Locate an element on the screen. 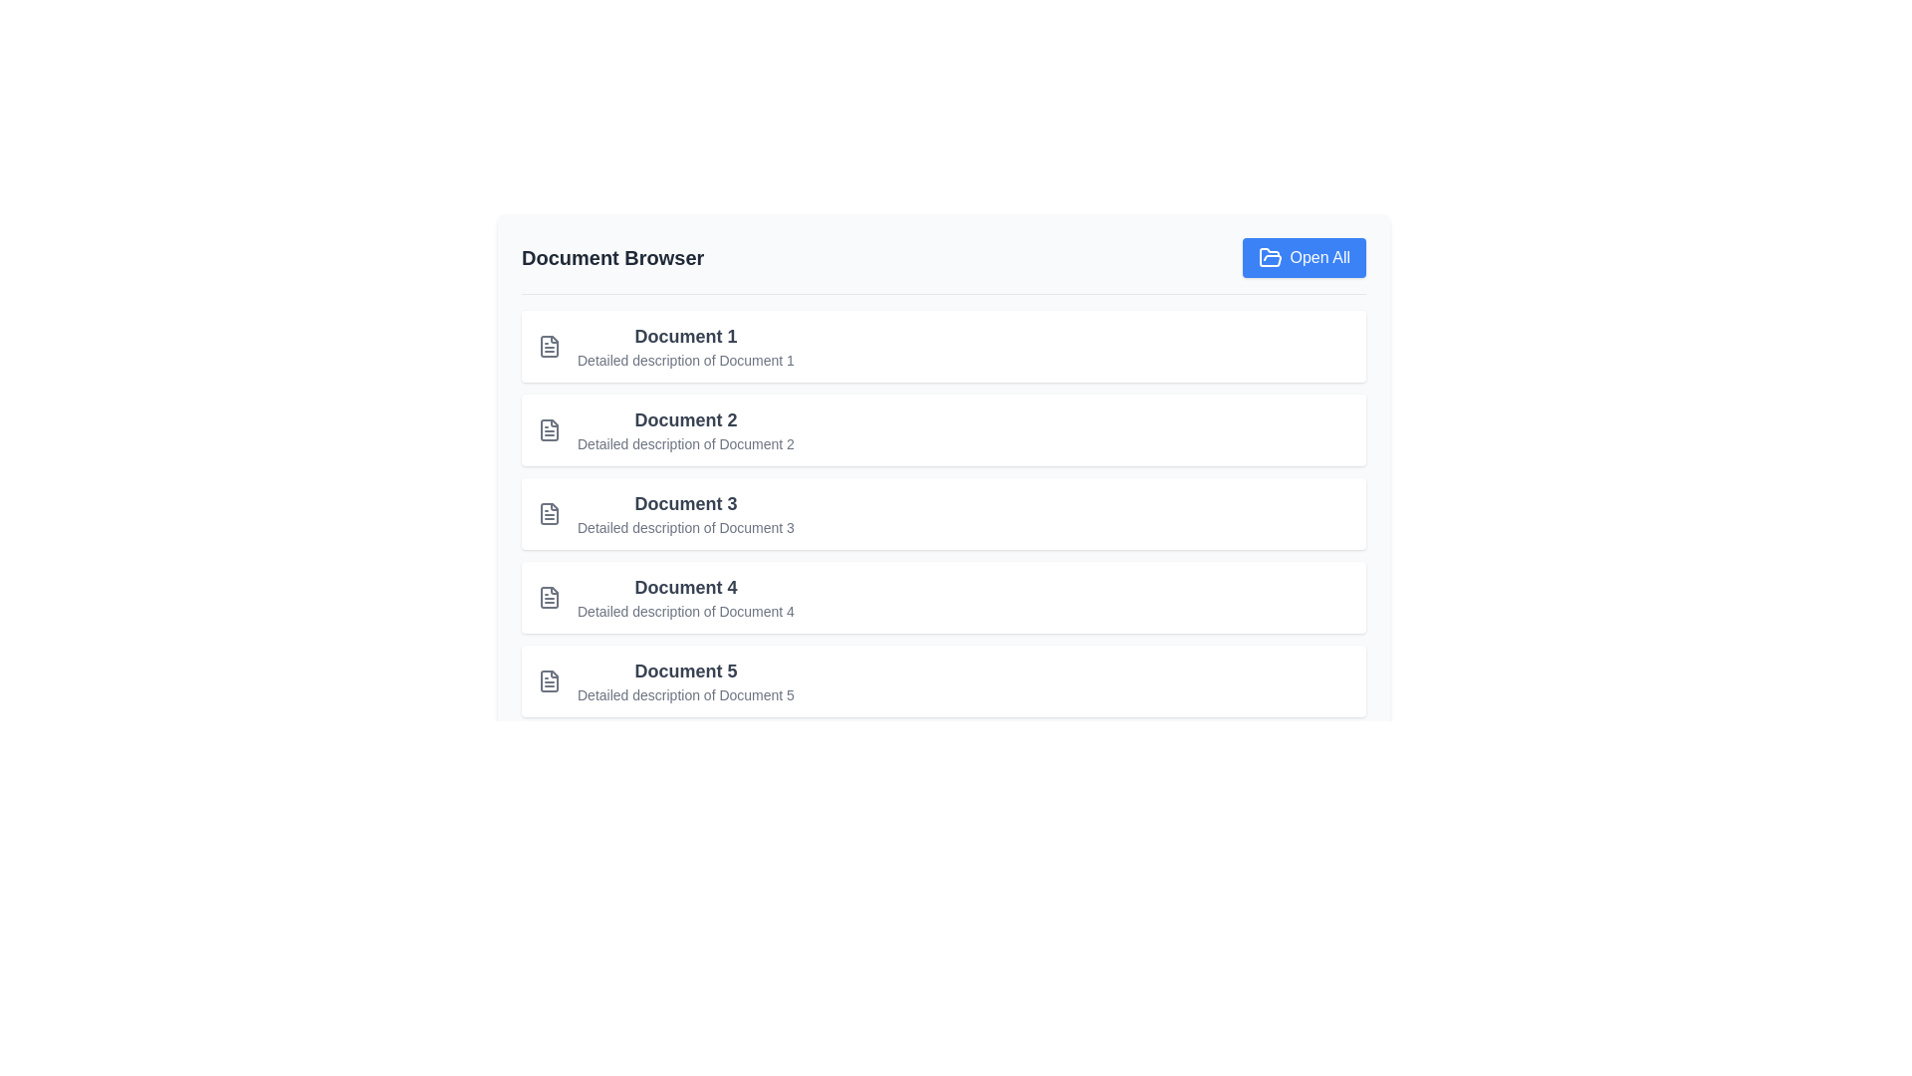 The height and width of the screenshot is (1076, 1912). the list item representing 'Document 5' is located at coordinates (943, 679).